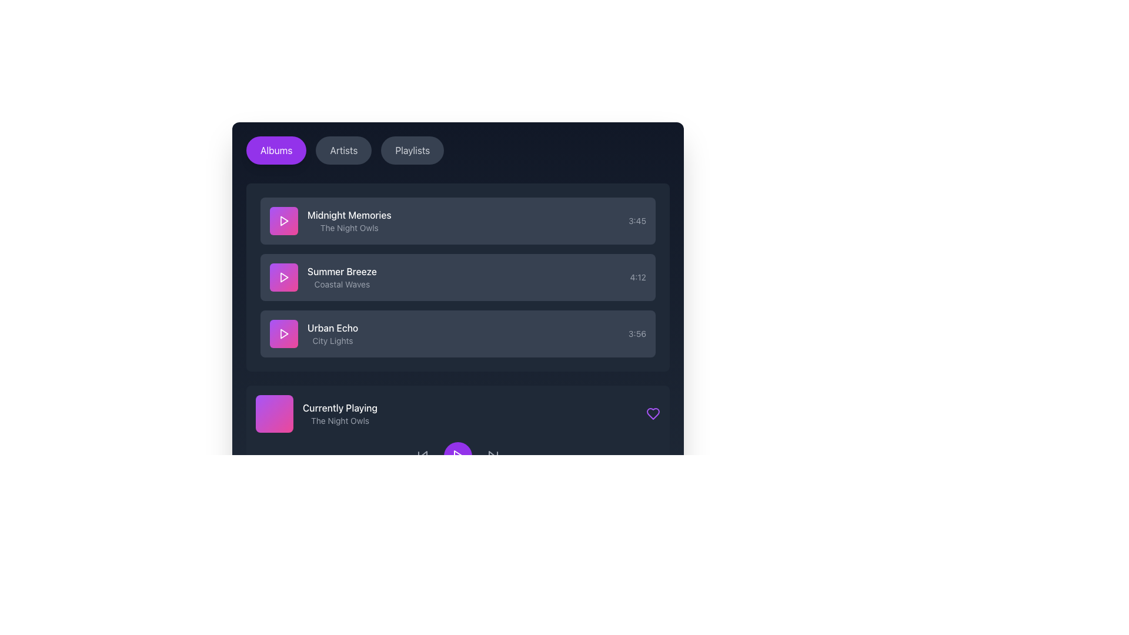 The height and width of the screenshot is (635, 1129). Describe the element at coordinates (339, 420) in the screenshot. I see `the static text element displaying 'The Night Owls', which is styled in light gray and positioned beneath the 'Currently Playing' text within a dark background` at that location.